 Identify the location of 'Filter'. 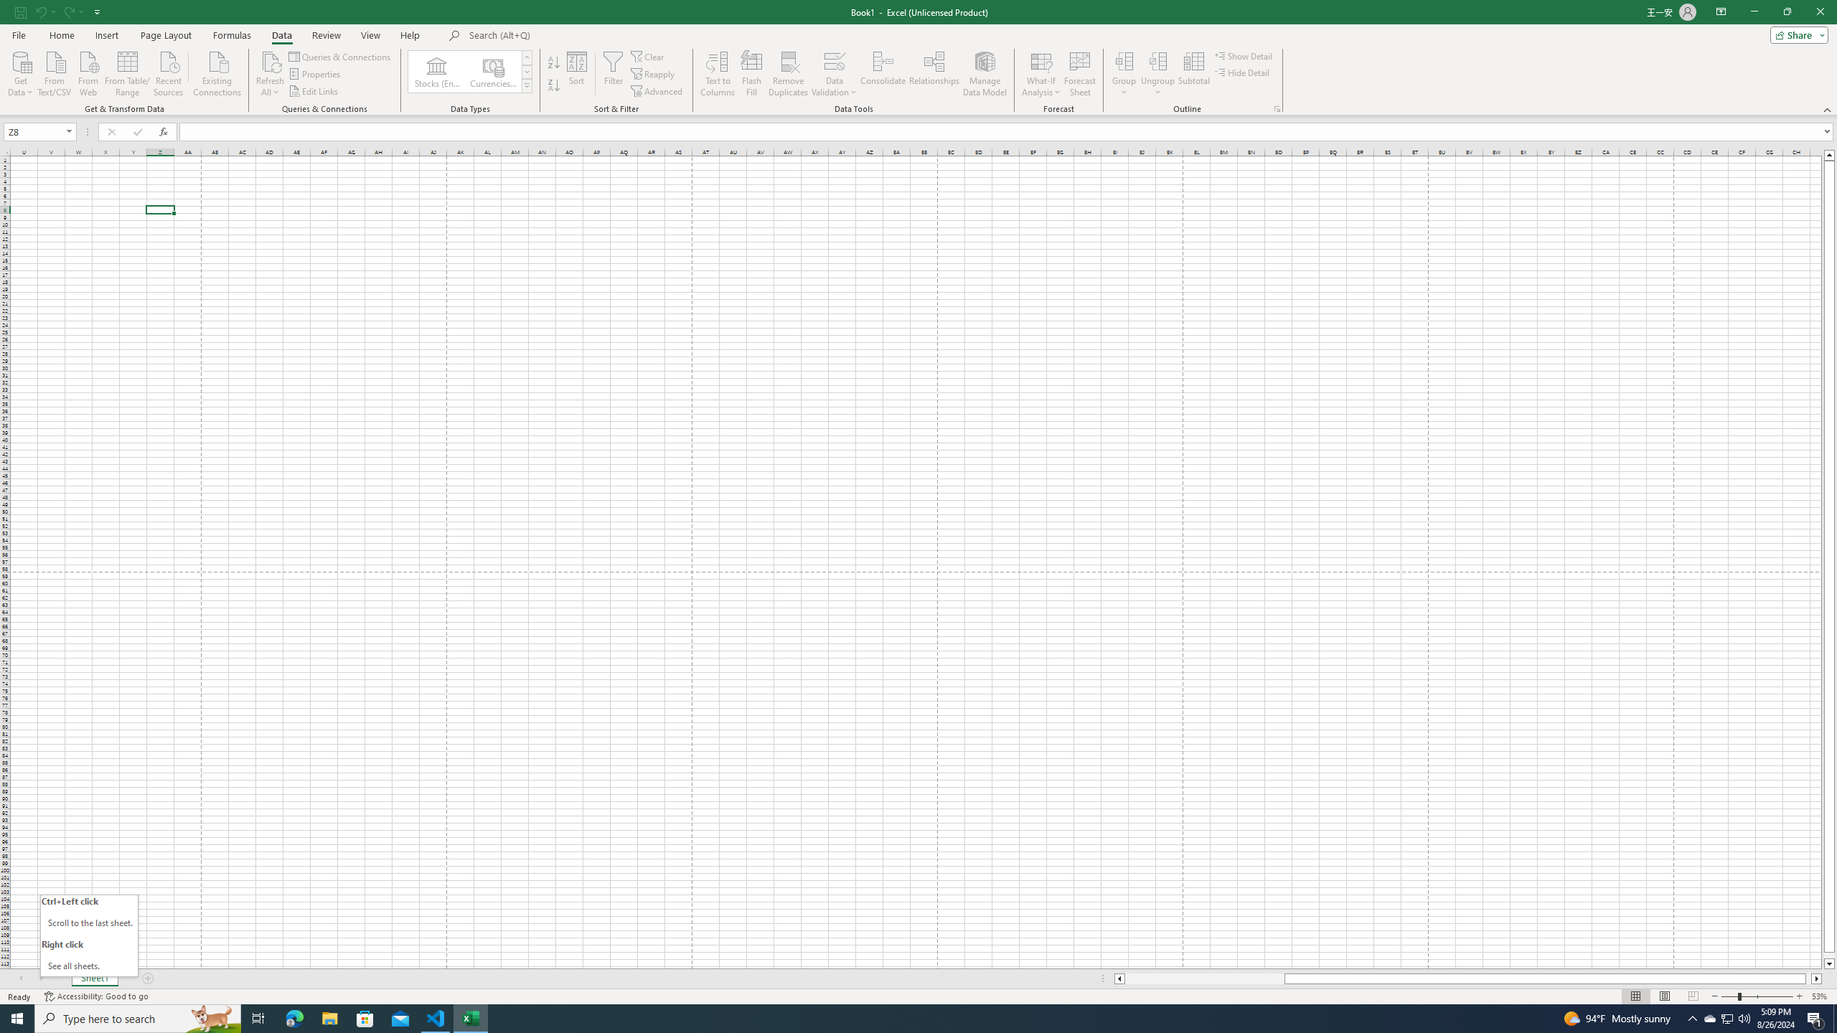
(614, 74).